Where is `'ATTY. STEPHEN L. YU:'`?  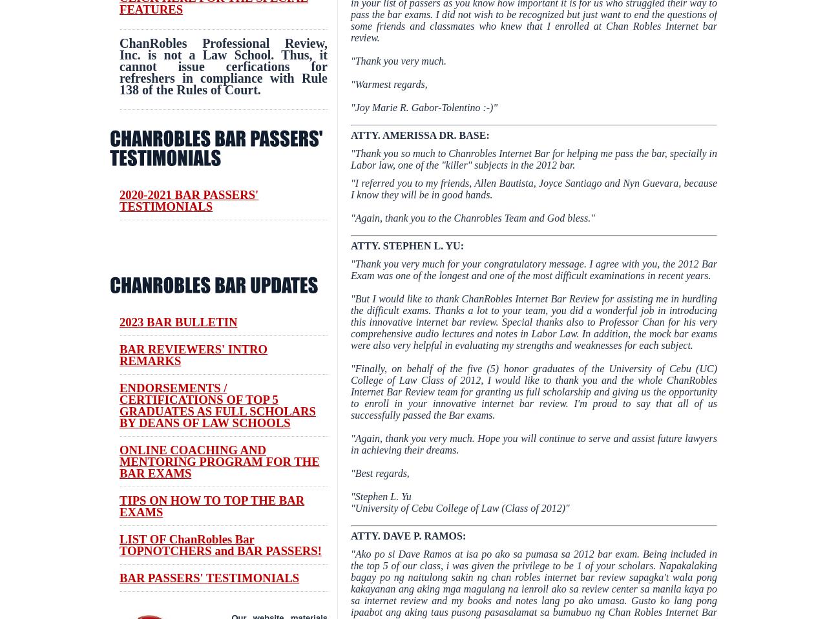 'ATTY. STEPHEN L. YU:' is located at coordinates (406, 245).